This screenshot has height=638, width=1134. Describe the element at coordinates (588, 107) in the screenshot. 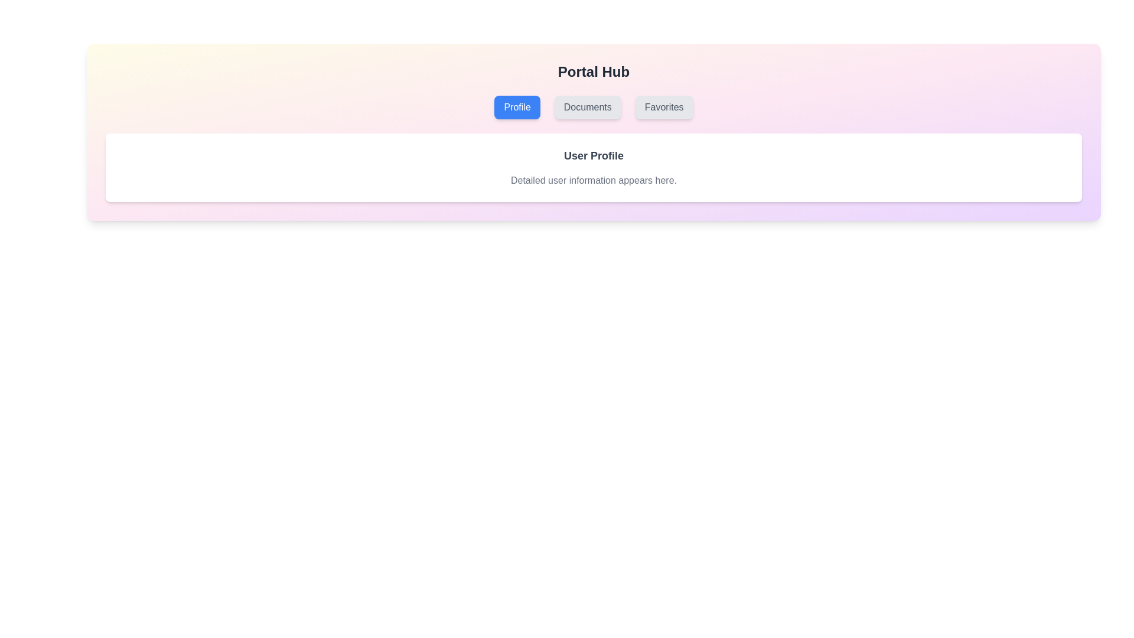

I see `the 'Documents' button, which is a rectangular button with rounded corners, light gray background, and dark gray text, located near the top-center of the interface just below the 'Portal Hub' heading` at that location.